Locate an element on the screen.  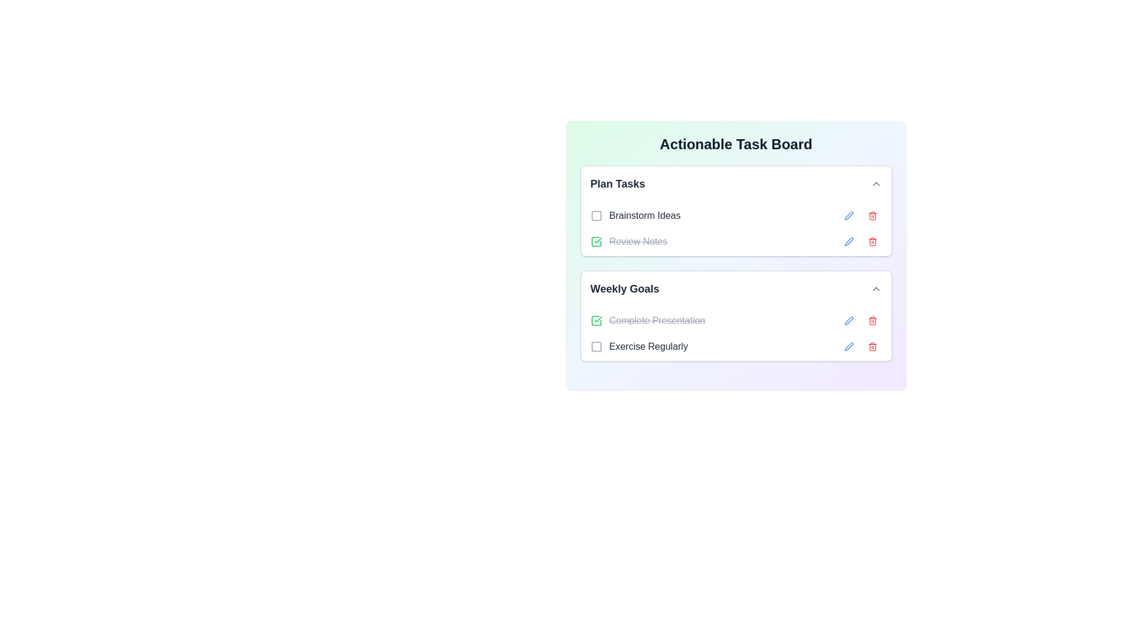
the visual indicator icon located in the 'Weekly Goals' section, positioned to the left of the 'Exercise Regularly' task description is located at coordinates (596, 346).